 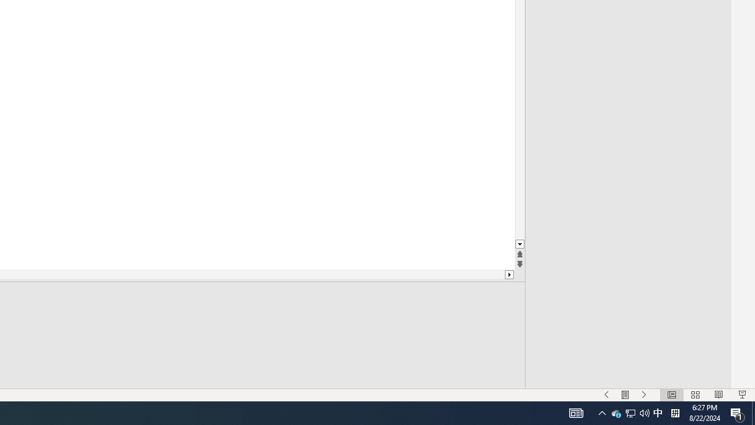 What do you see at coordinates (644, 395) in the screenshot?
I see `'Slide Show Next On'` at bounding box center [644, 395].